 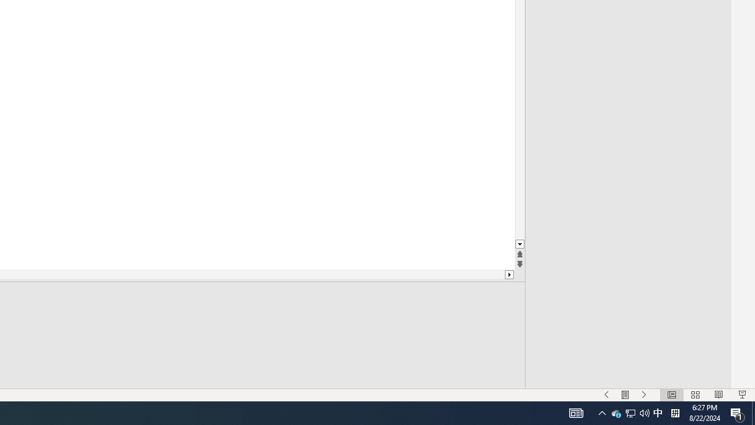 What do you see at coordinates (644, 395) in the screenshot?
I see `'Slide Show Next On'` at bounding box center [644, 395].